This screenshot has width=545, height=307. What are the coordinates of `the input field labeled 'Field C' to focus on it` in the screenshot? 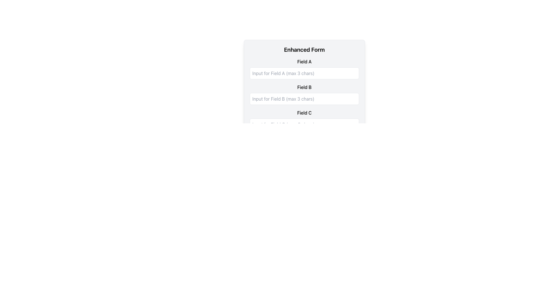 It's located at (304, 119).